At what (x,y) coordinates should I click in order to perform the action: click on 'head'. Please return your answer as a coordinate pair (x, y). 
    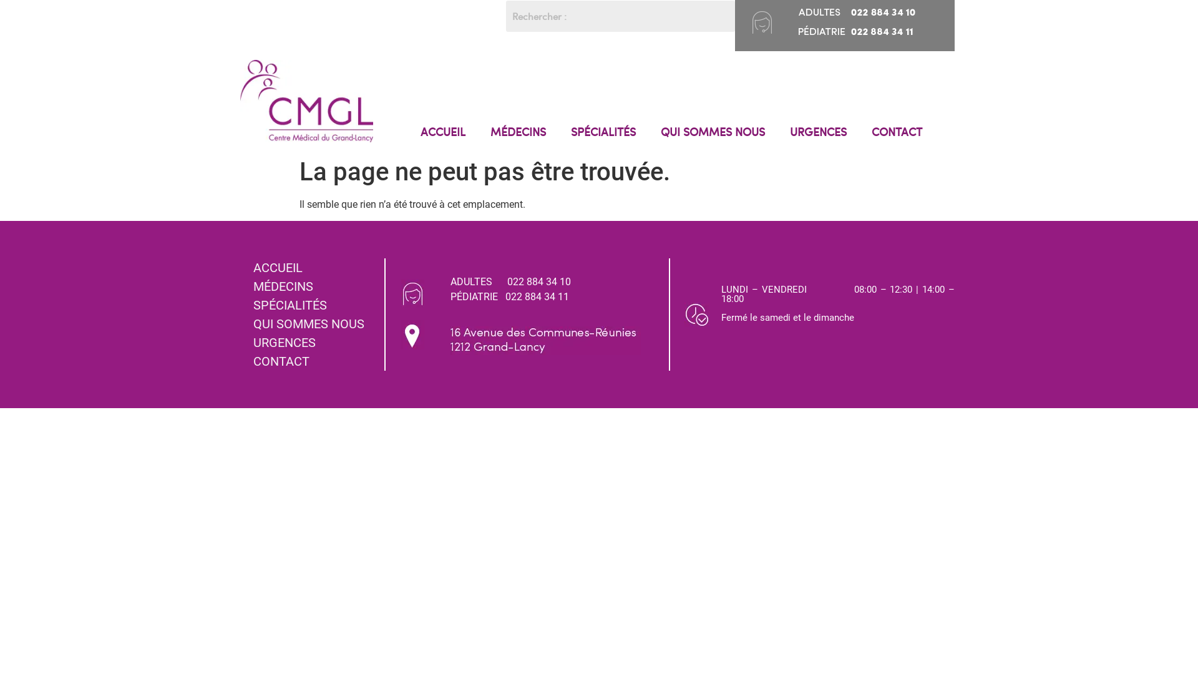
    Looking at the image, I should click on (751, 21).